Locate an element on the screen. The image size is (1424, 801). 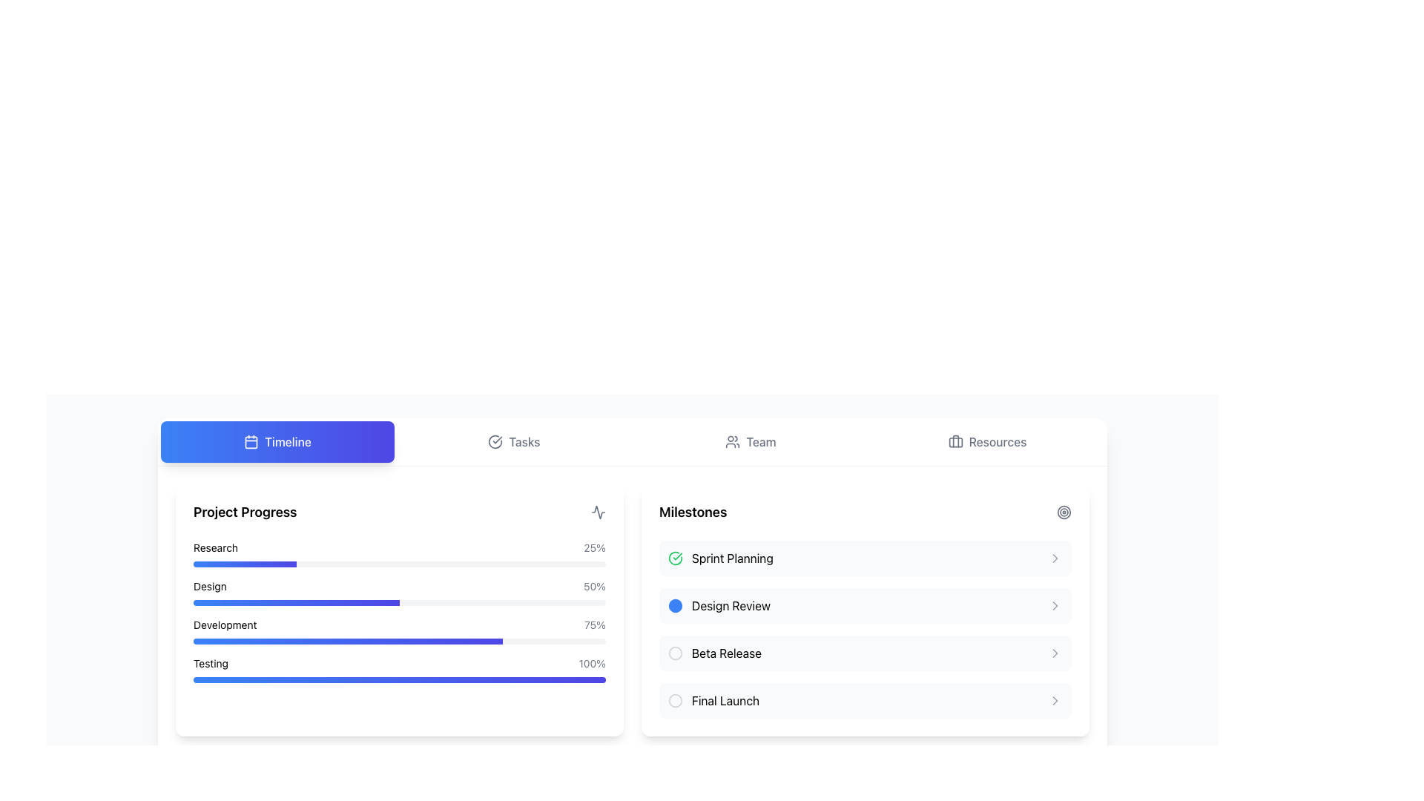
the first list item labeled 'Sprint Planning' in the milestones section is located at coordinates (865, 558).